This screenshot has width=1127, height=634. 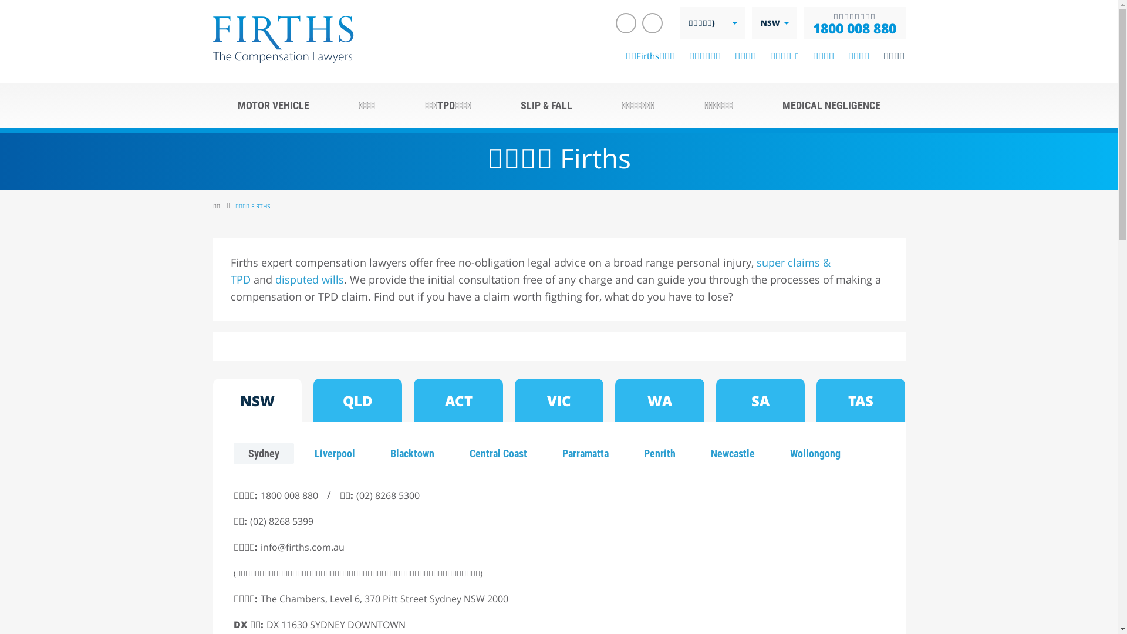 What do you see at coordinates (659, 453) in the screenshot?
I see `'Penrith'` at bounding box center [659, 453].